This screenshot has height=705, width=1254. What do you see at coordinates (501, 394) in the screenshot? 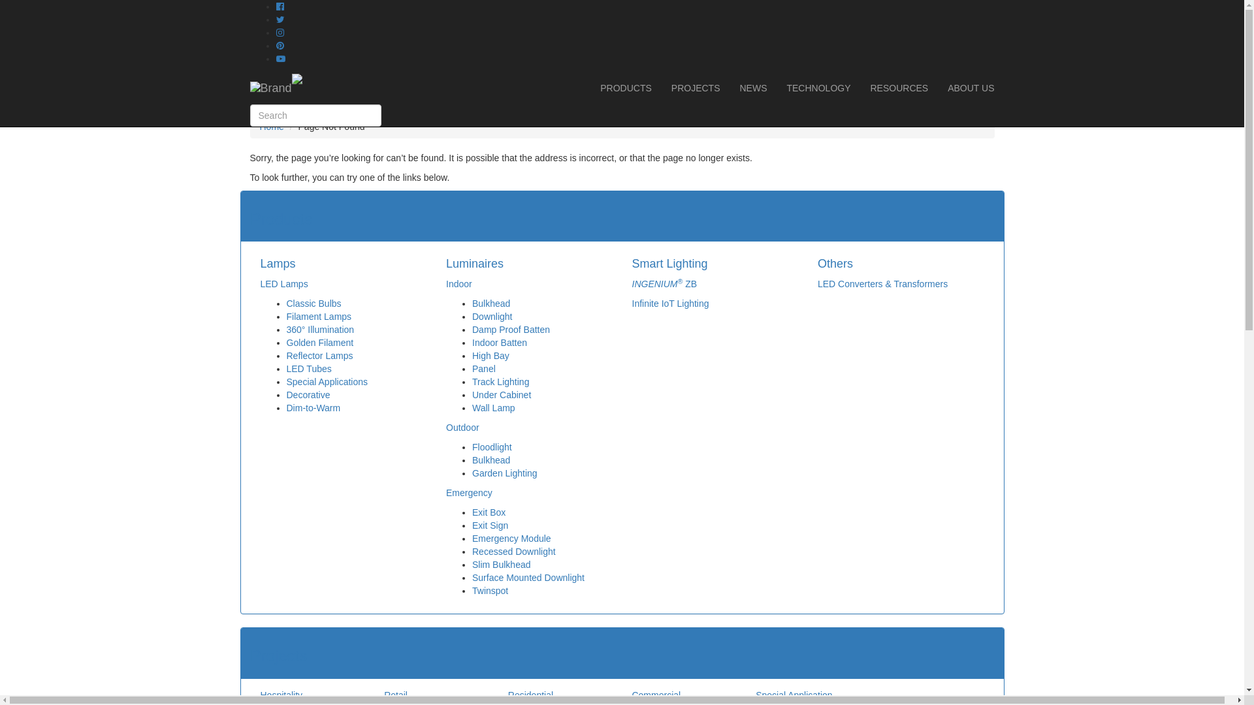
I see `'Under Cabinet'` at bounding box center [501, 394].